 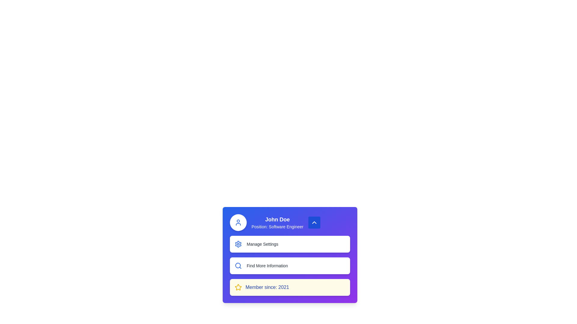 What do you see at coordinates (238, 265) in the screenshot?
I see `the circular graphic in the SVG icon representing a magnifying glass, which has a blue outline and is positioned in the top-right corner of the interface` at bounding box center [238, 265].